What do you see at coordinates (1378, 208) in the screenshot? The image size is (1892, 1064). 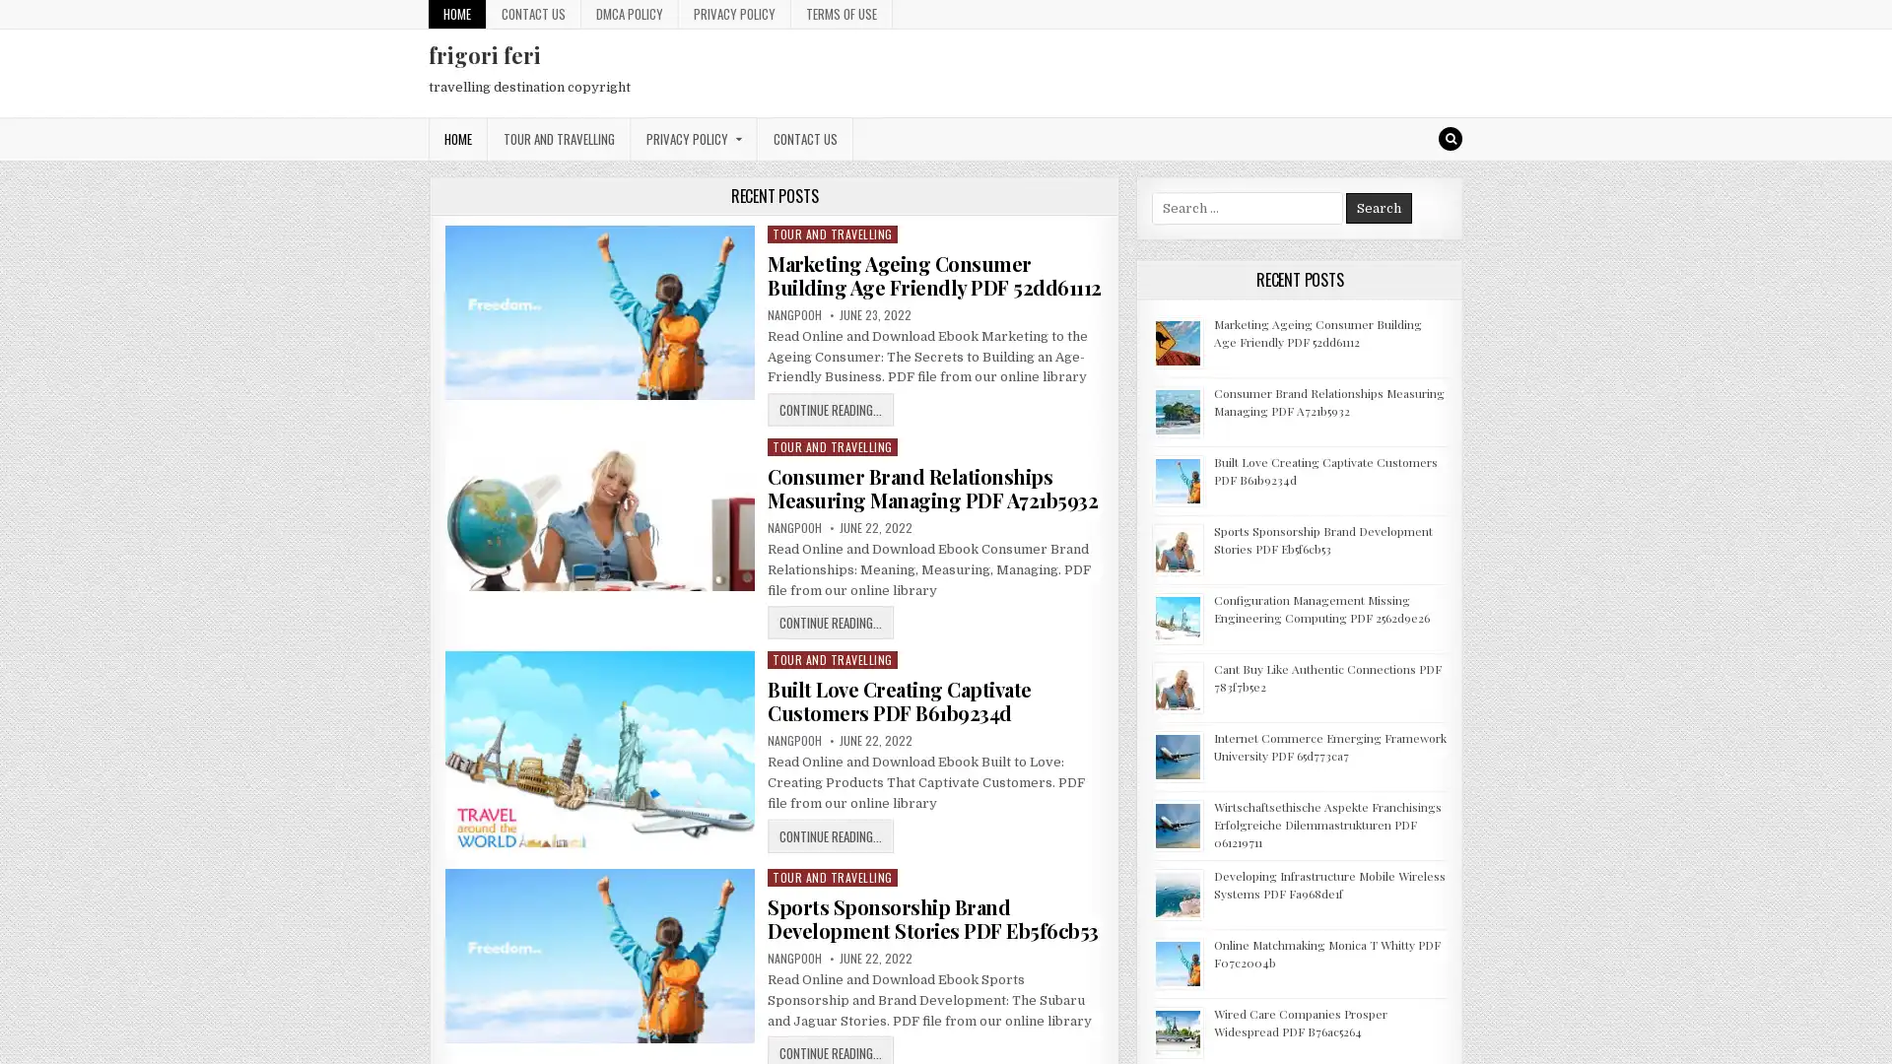 I see `Search` at bounding box center [1378, 208].